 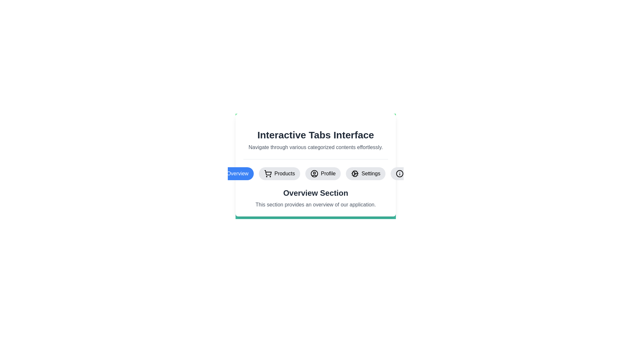 I want to click on the 'Profile' tab in the navigation bar, so click(x=316, y=173).